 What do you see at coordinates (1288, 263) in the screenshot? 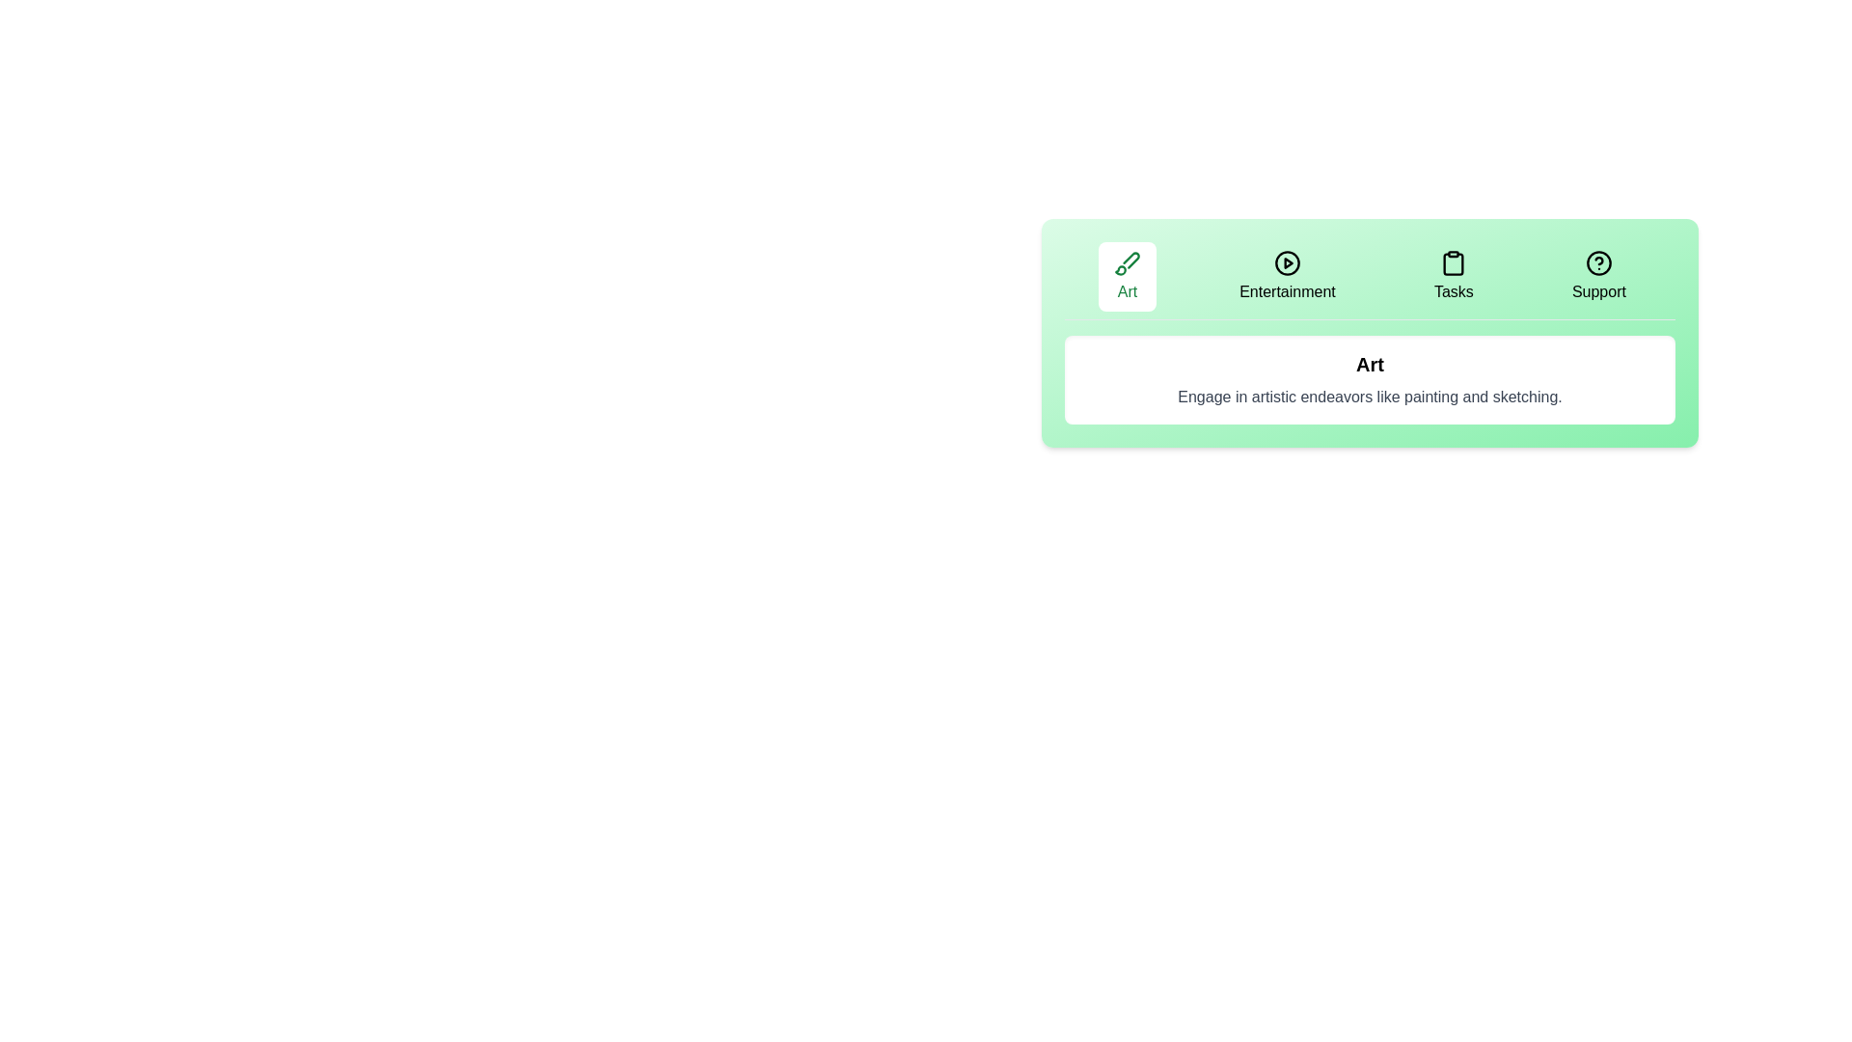
I see `the triangular play button icon located at the center of the 'Entertainment' circular icon in the upper menu` at bounding box center [1288, 263].